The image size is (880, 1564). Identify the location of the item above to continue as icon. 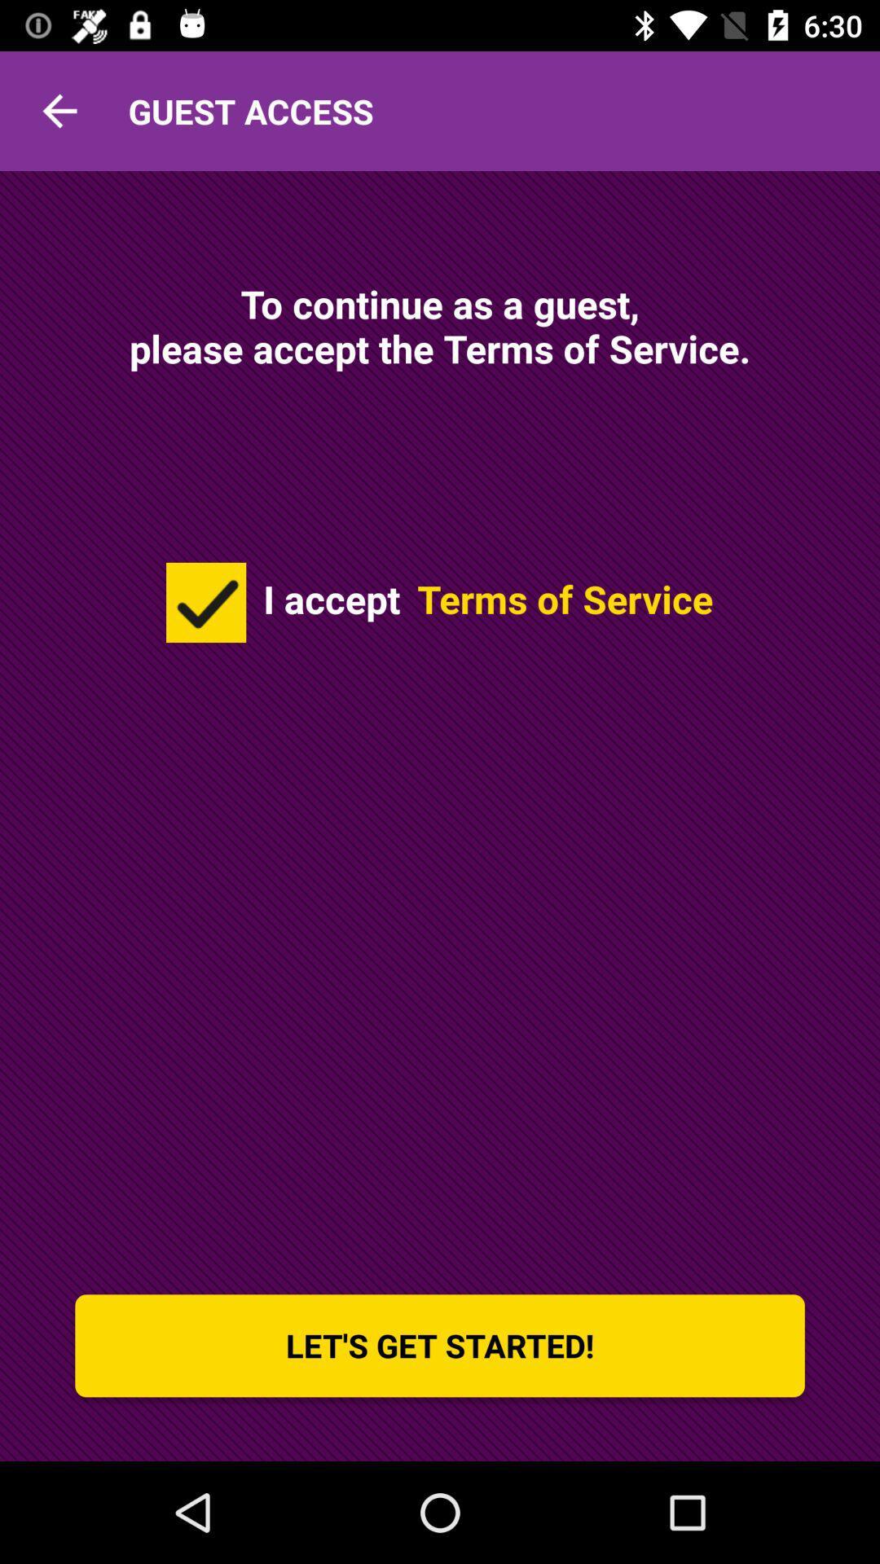
(59, 110).